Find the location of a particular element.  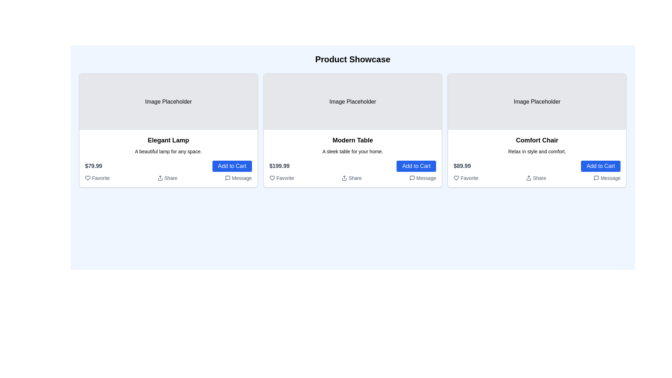

the chat bubble icon button located in the lower section of the 'Modern Table' product card to send a message is located at coordinates (412, 178).